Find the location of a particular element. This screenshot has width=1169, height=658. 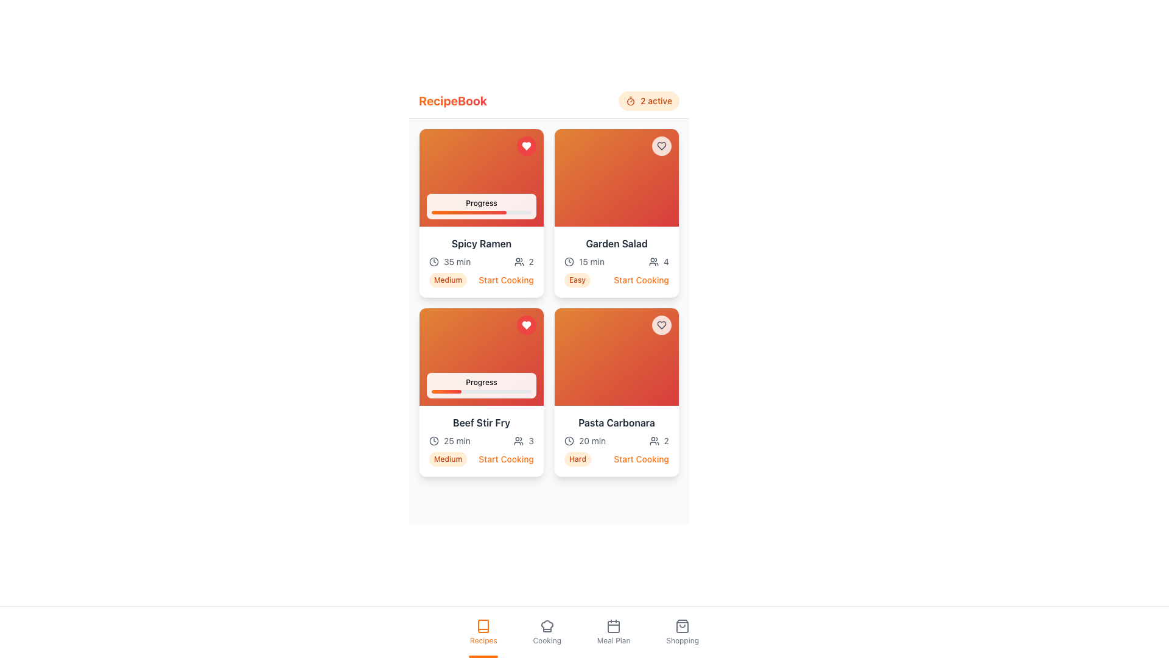

the user count icon located in the top-right quadrant of the 'Garden Salad' card, positioned next to the number '4' is located at coordinates (653, 261).